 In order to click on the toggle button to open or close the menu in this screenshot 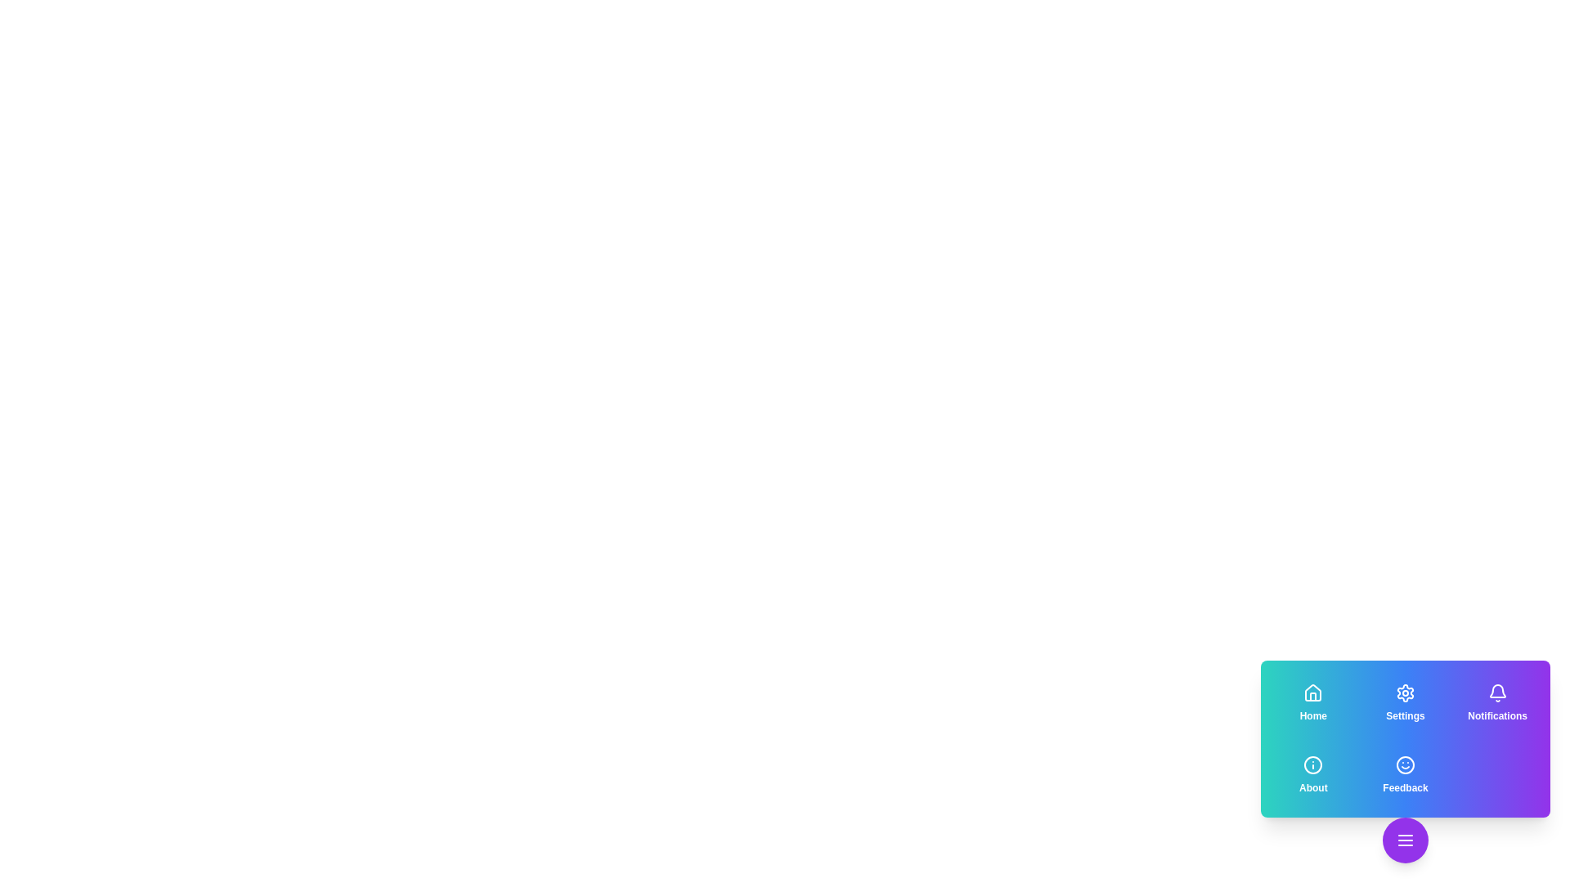, I will do `click(1404, 840)`.